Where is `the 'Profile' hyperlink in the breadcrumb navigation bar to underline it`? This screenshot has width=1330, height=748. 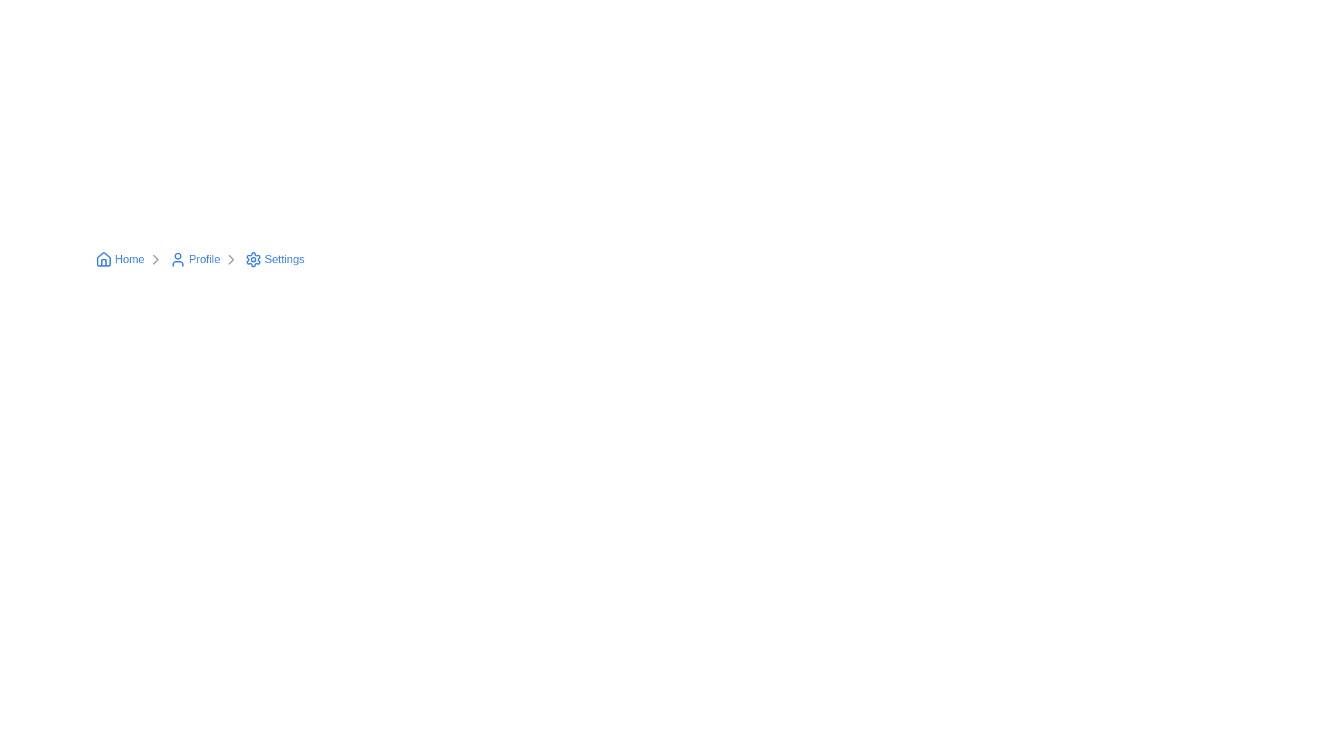 the 'Profile' hyperlink in the breadcrumb navigation bar to underline it is located at coordinates (194, 259).